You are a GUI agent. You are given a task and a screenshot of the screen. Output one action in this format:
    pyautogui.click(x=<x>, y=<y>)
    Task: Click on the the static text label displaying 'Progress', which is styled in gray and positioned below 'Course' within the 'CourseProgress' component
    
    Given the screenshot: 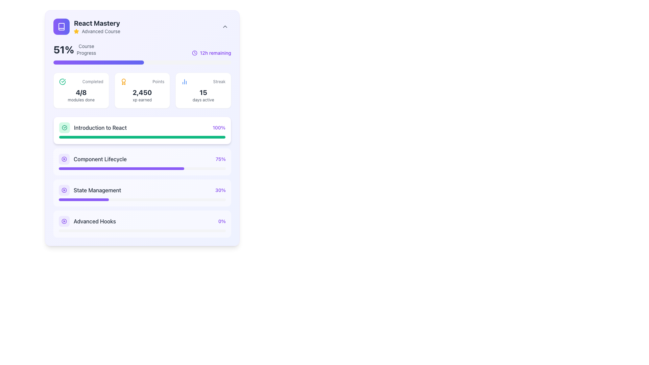 What is the action you would take?
    pyautogui.click(x=86, y=53)
    